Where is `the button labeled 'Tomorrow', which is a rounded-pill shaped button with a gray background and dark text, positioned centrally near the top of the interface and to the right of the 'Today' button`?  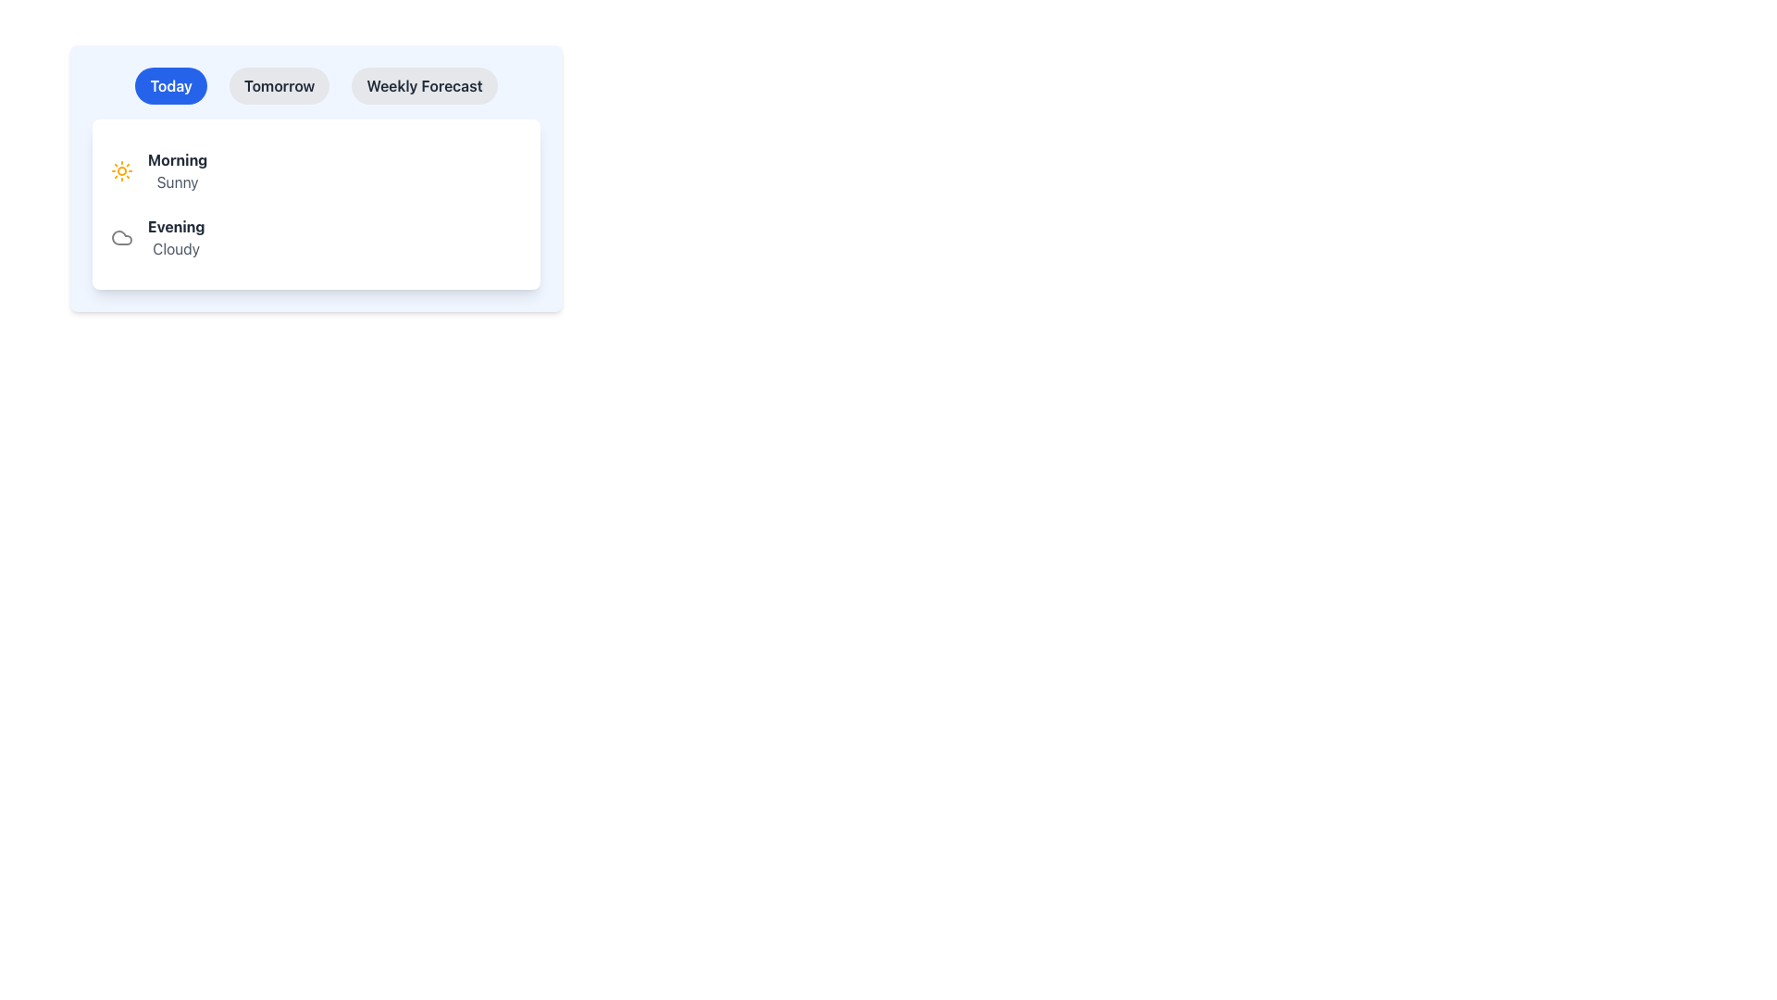
the button labeled 'Tomorrow', which is a rounded-pill shaped button with a gray background and dark text, positioned centrally near the top of the interface and to the right of the 'Today' button is located at coordinates (279, 85).